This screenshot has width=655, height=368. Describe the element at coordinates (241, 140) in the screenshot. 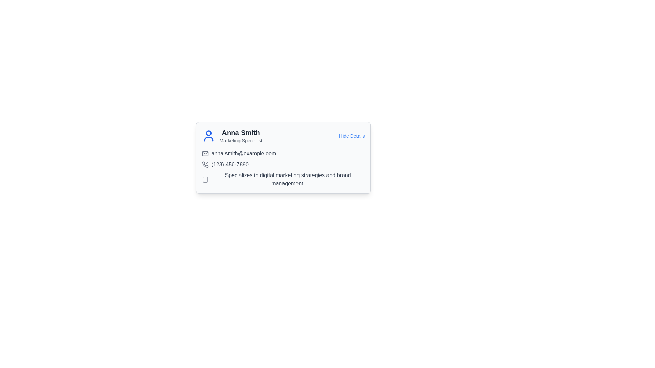

I see `text component labeled 'Marketing Specialist' which is styled in a smaller muted gray font and positioned directly below 'Anna Smith' in the profile card layout` at that location.